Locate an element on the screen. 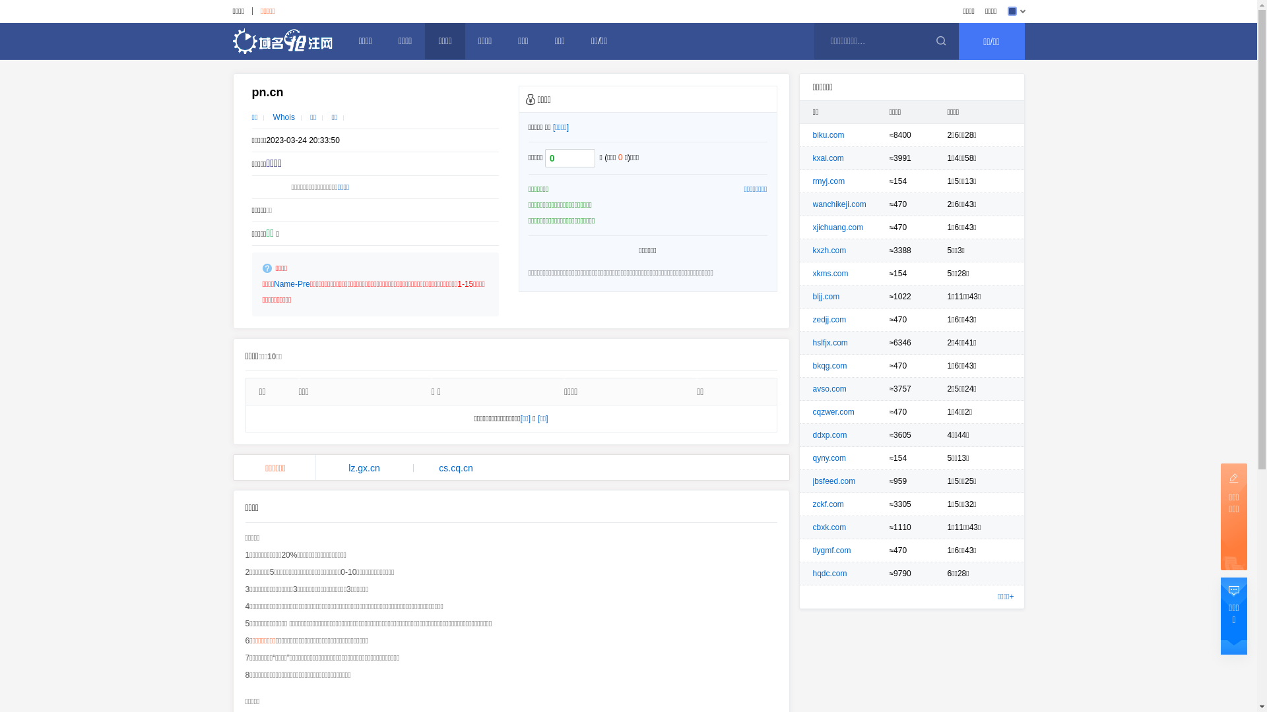  'zckf.com' is located at coordinates (828, 504).